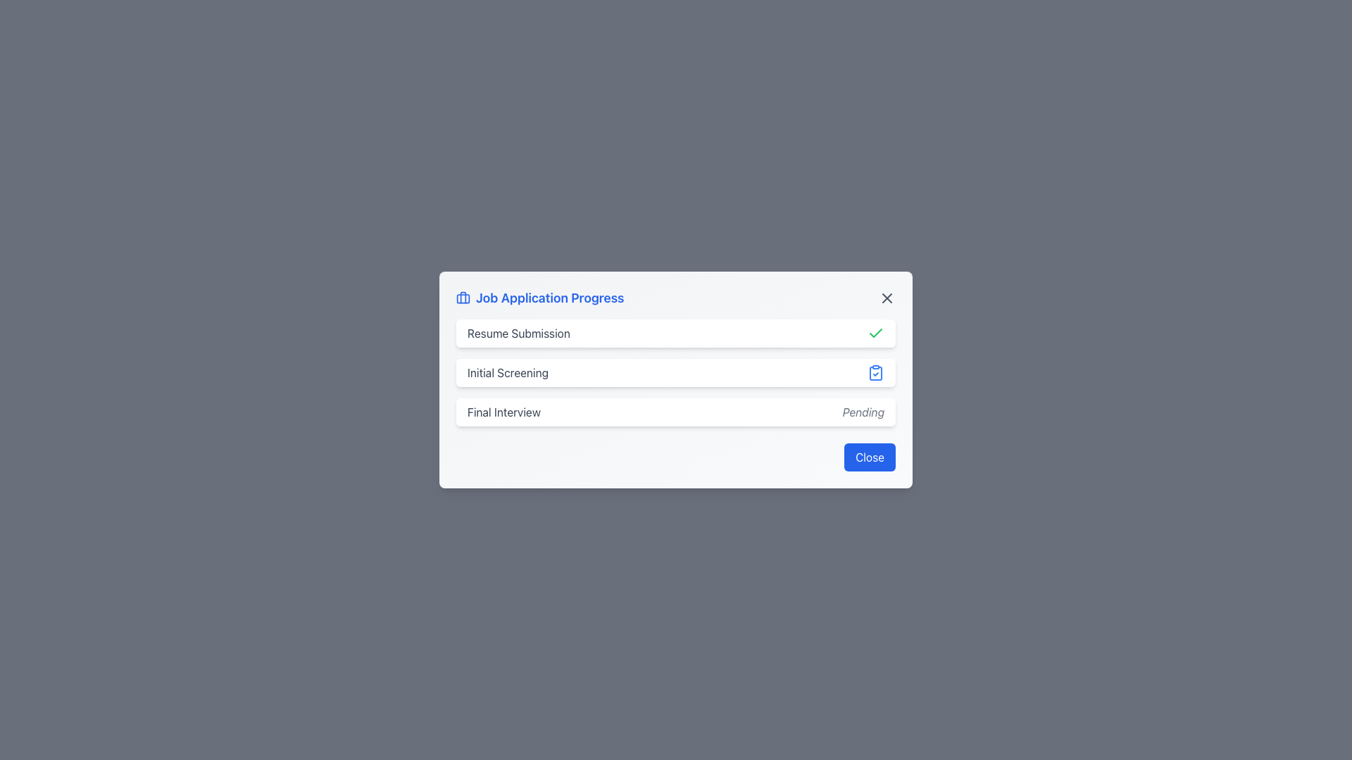 The image size is (1352, 760). I want to click on the close button in the bottom-right area of the 'Job Application Progress' dialog, so click(869, 457).